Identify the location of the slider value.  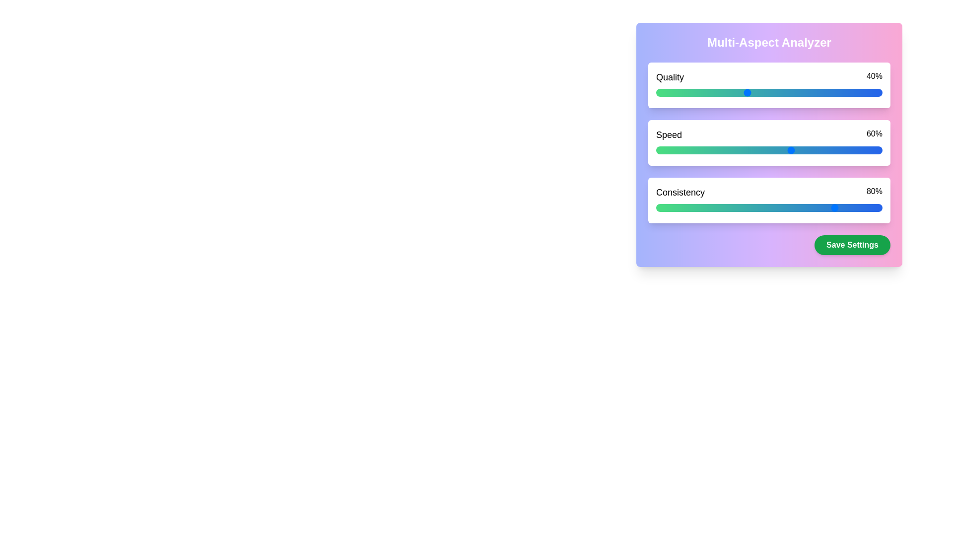
(656, 207).